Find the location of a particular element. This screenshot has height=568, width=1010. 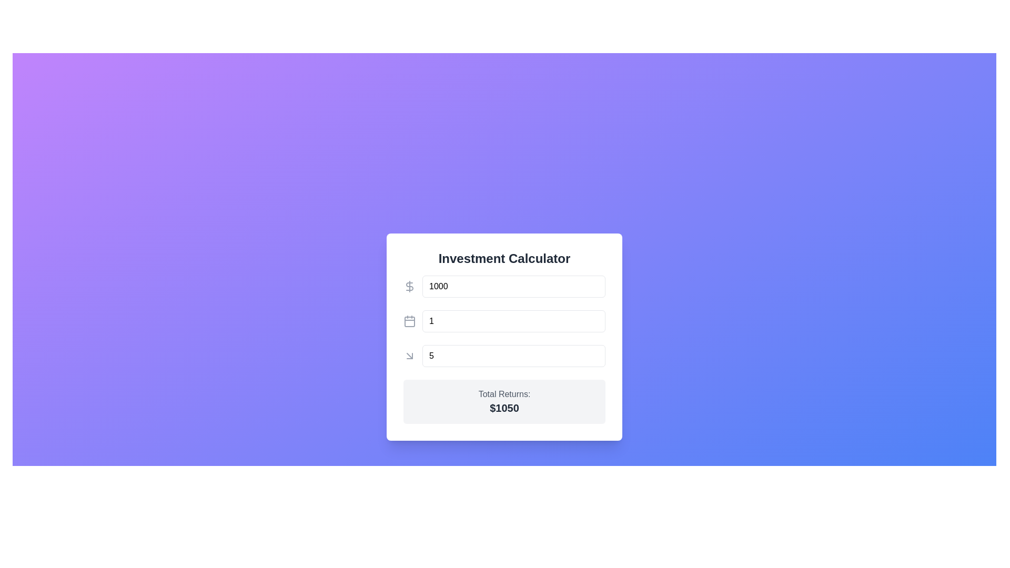

the calendar icon graphical element which indicates date selection functionality, located to the left of the input field in the second row of the form layout is located at coordinates (409, 321).